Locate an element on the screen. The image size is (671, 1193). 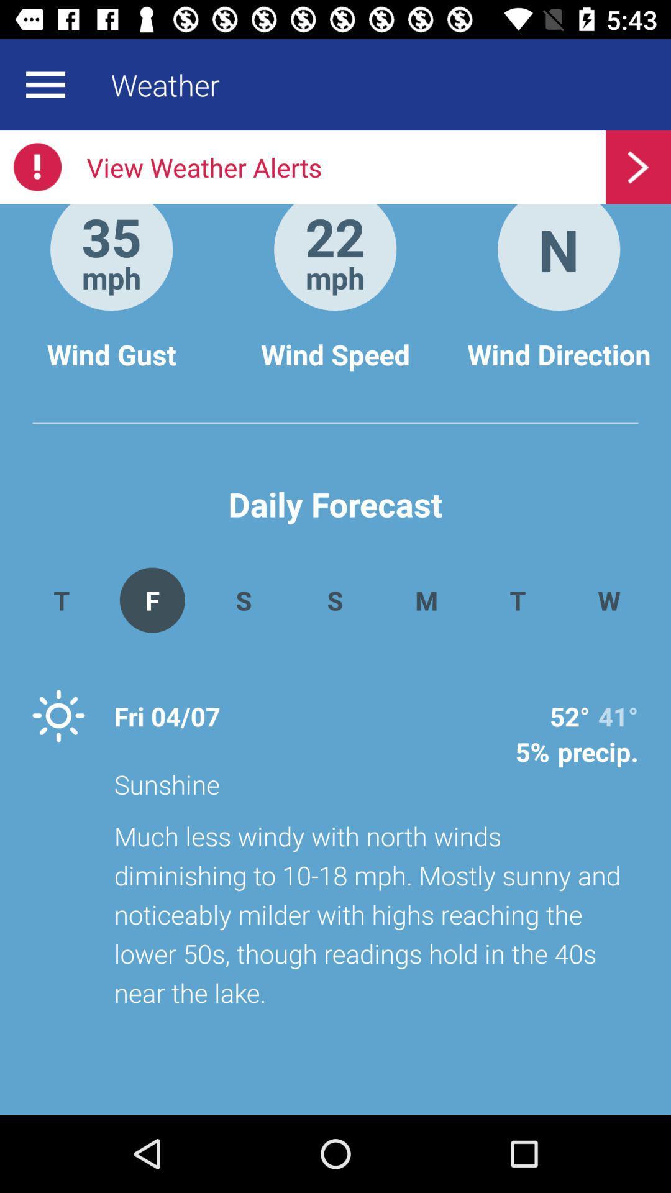
the item above 35 app is located at coordinates (335, 167).